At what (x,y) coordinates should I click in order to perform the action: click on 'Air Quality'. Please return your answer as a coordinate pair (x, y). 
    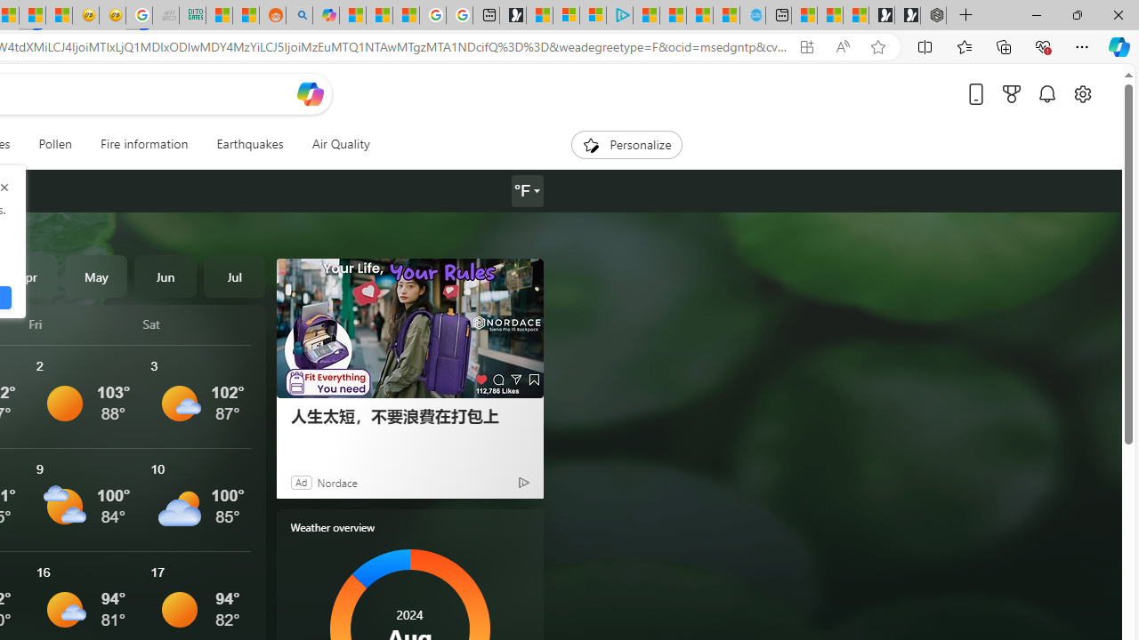
    Looking at the image, I should click on (340, 144).